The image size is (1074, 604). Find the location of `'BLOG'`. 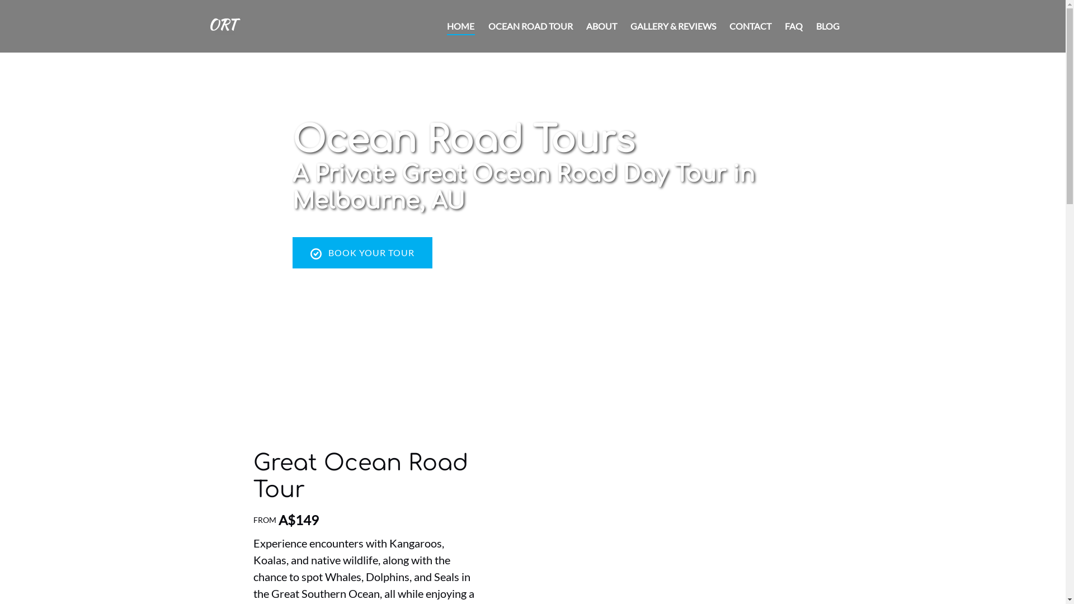

'BLOG' is located at coordinates (827, 25).